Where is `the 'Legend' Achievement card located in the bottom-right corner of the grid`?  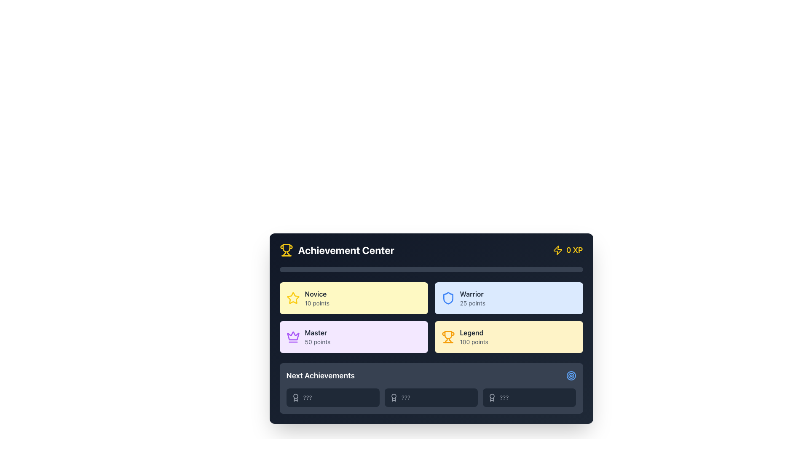
the 'Legend' Achievement card located in the bottom-right corner of the grid is located at coordinates (508, 336).